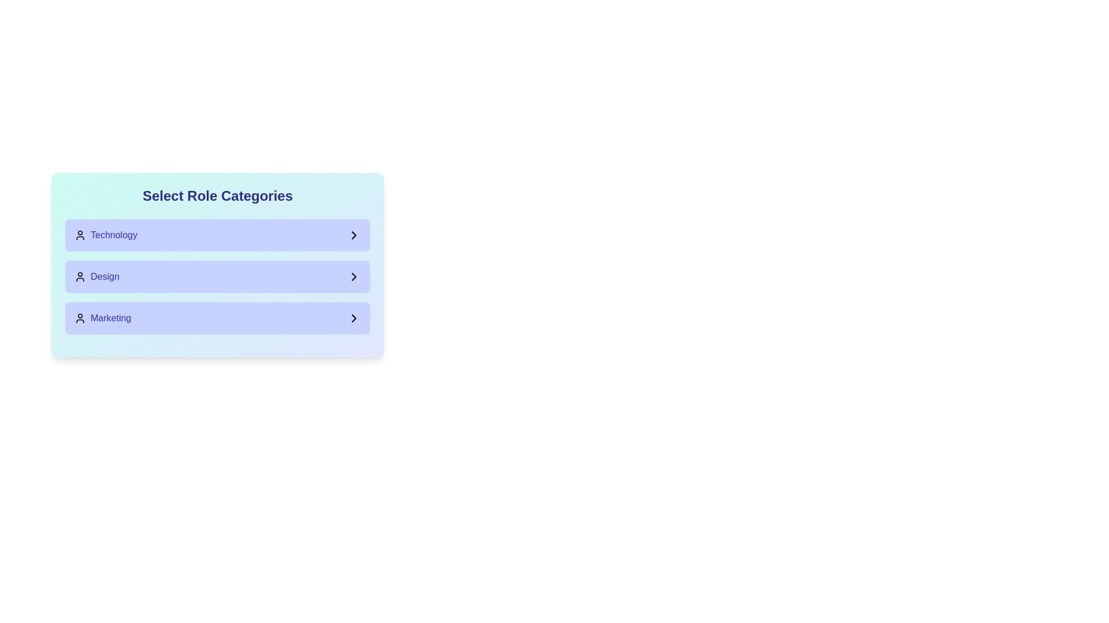 The image size is (1109, 623). I want to click on the 'Technology' category selector item using keyboard navigation, so click(106, 235).